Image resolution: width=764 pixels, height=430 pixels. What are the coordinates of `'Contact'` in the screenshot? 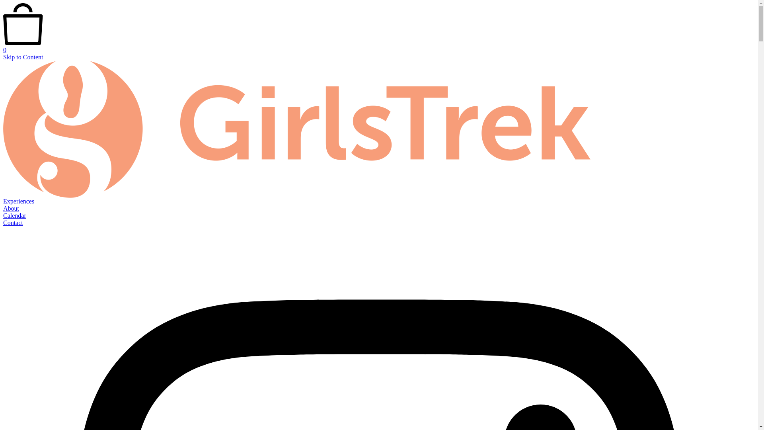 It's located at (13, 223).